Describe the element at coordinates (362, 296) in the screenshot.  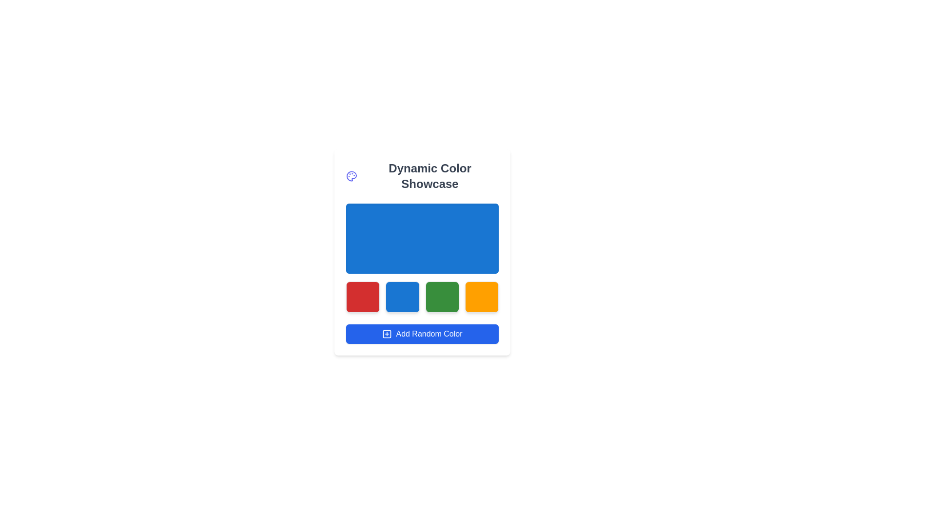
I see `the first selectable color square with a bold red background located under the 'Dynamic Color Showcase' section` at that location.